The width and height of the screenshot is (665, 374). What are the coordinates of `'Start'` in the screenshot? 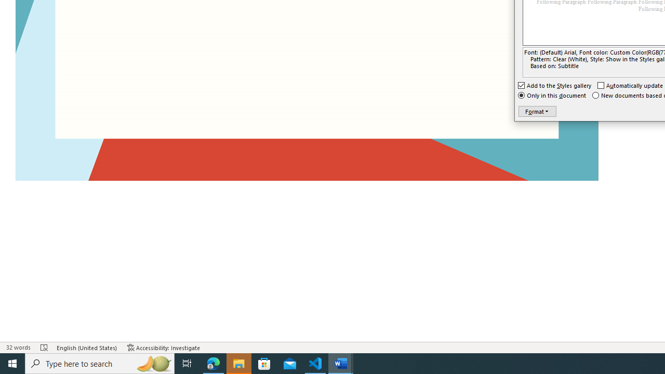 It's located at (12, 363).